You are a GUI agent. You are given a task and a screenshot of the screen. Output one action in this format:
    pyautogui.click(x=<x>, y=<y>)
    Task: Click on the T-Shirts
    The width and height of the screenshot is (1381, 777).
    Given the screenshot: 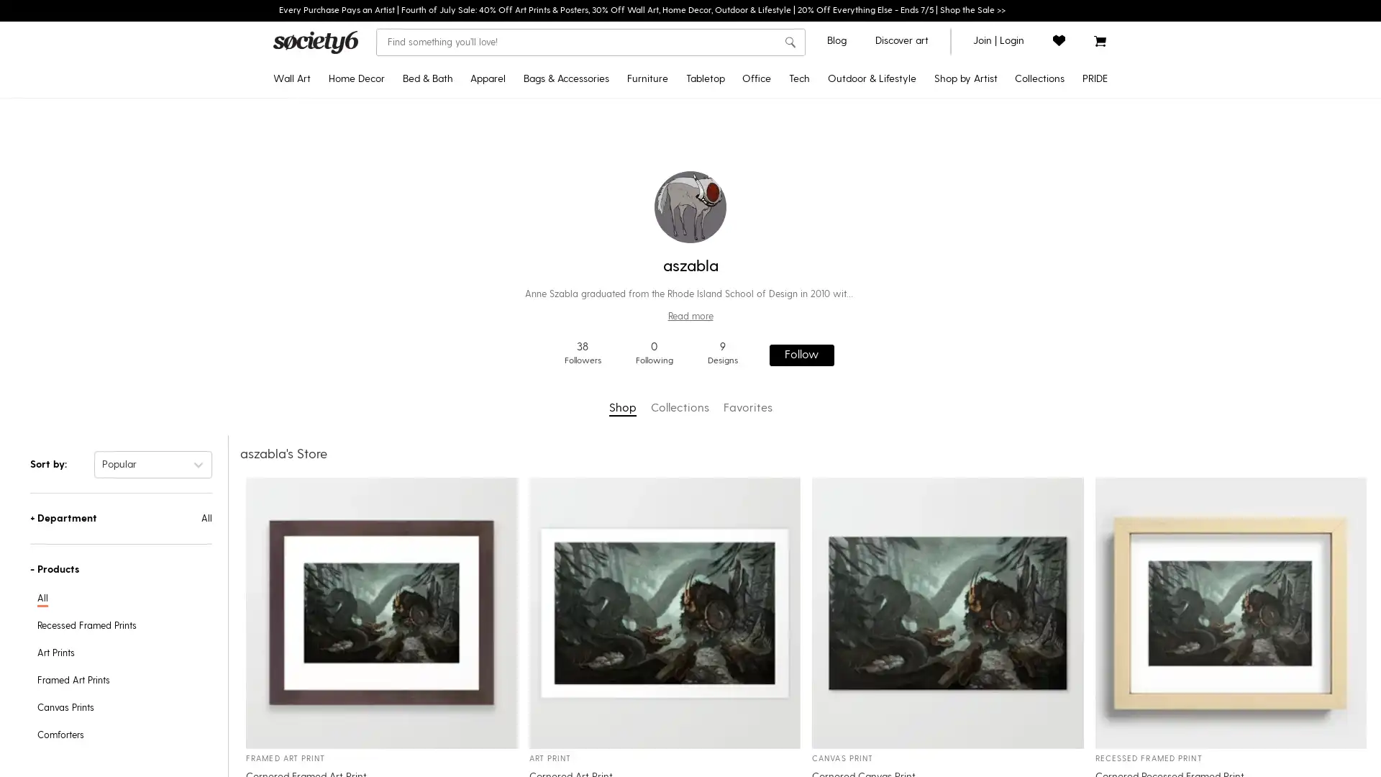 What is the action you would take?
    pyautogui.click(x=533, y=115)
    